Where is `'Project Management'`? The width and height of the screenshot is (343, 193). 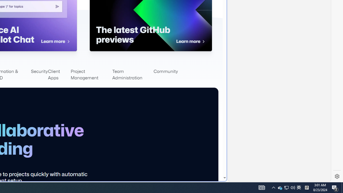
'Project Management' is located at coordinates (91, 75).